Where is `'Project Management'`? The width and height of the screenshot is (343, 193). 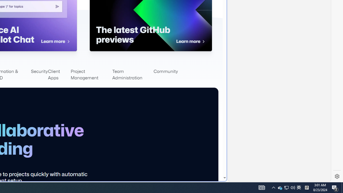
'Project Management' is located at coordinates (91, 75).